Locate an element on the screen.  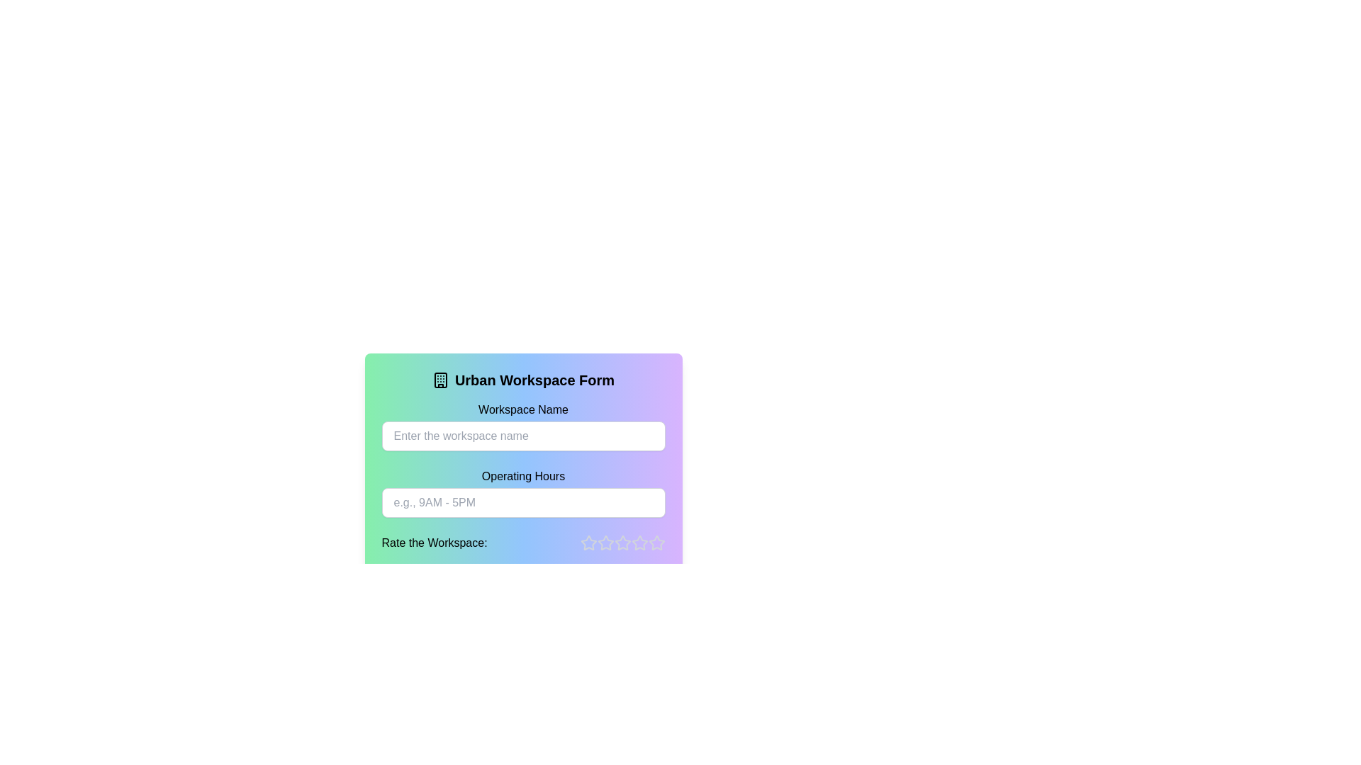
to the fifth star icon with a hollow outline and gray color in the 'Rate the Workspace' section is located at coordinates (656, 543).